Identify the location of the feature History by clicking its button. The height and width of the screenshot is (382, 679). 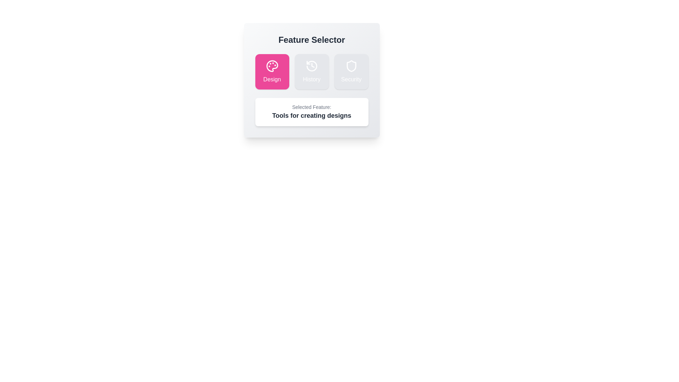
(311, 72).